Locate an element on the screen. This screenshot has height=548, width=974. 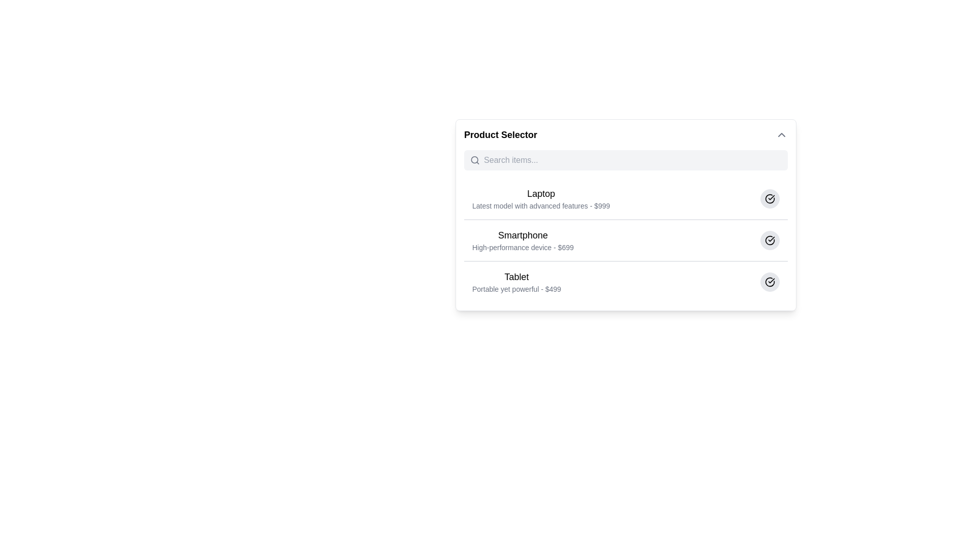
the selection status of the third interactive icon, which is a circular outline with a check mark inside it, located to the right of the 'Tablet' label is located at coordinates (770, 282).